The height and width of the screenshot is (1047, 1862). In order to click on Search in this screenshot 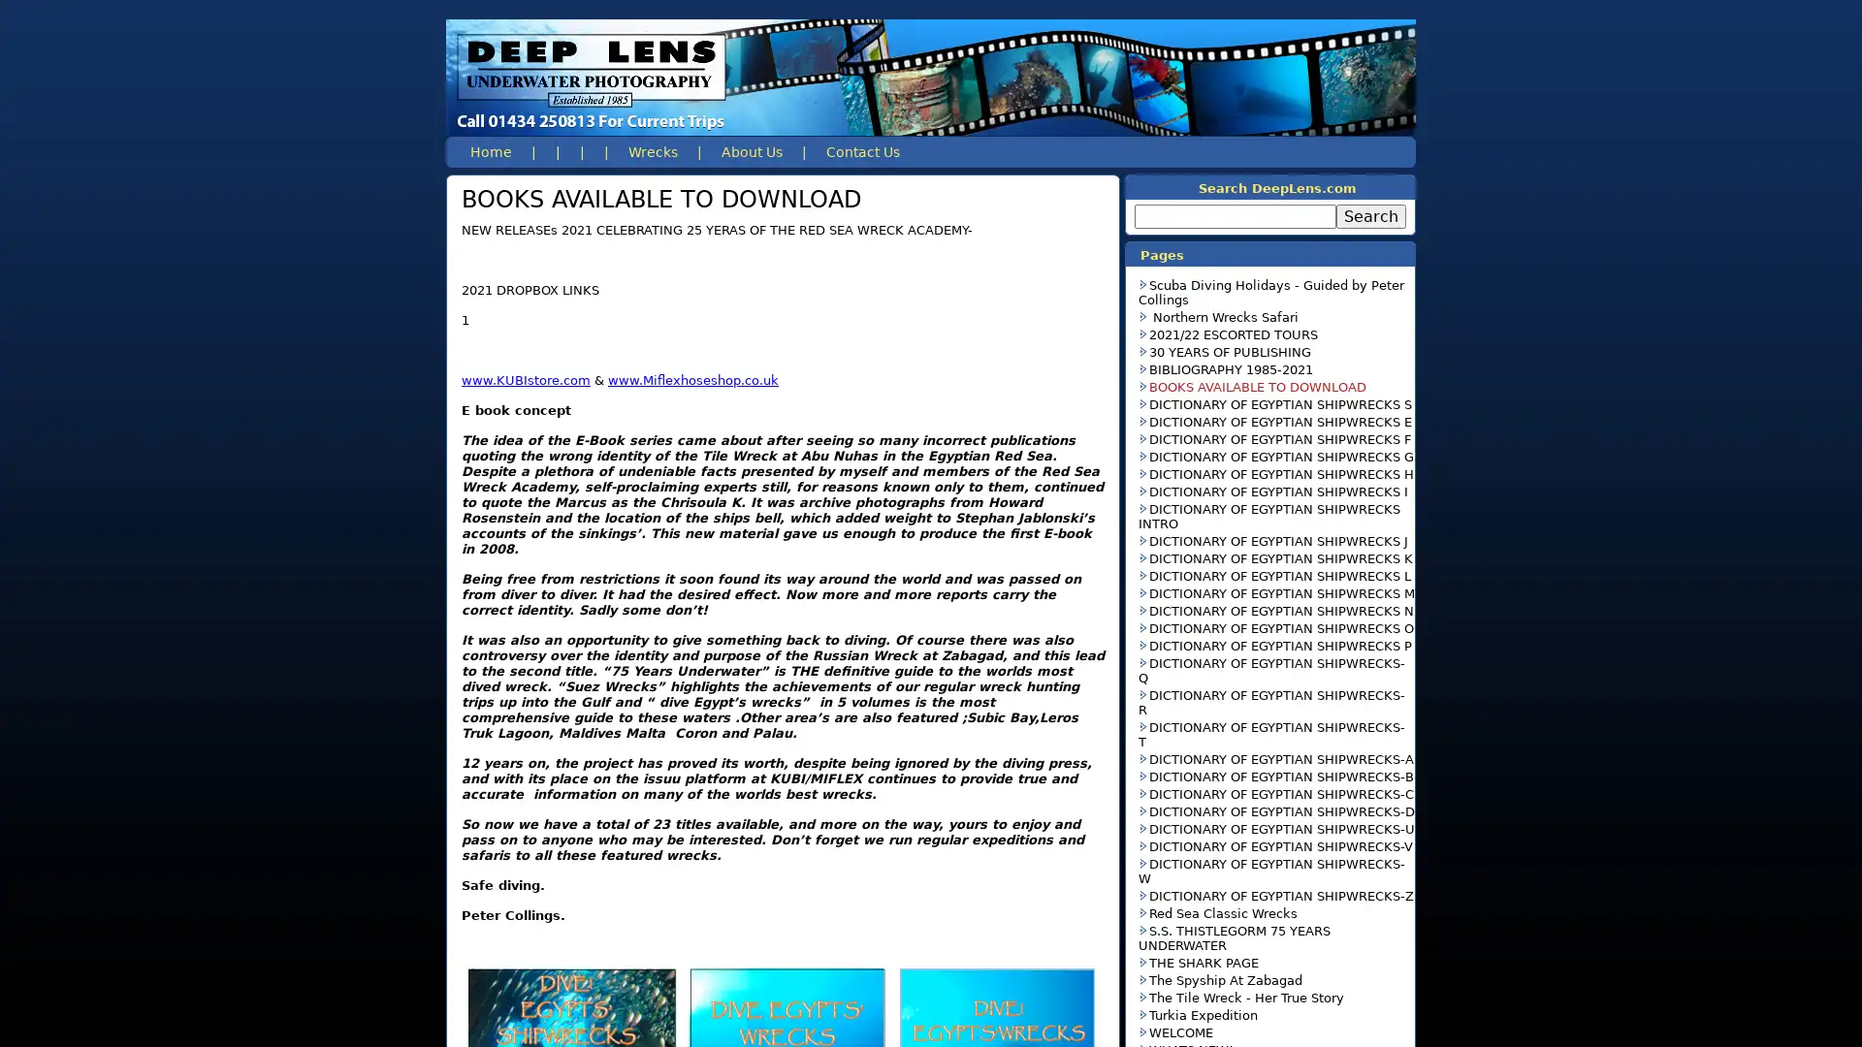, I will do `click(1370, 216)`.